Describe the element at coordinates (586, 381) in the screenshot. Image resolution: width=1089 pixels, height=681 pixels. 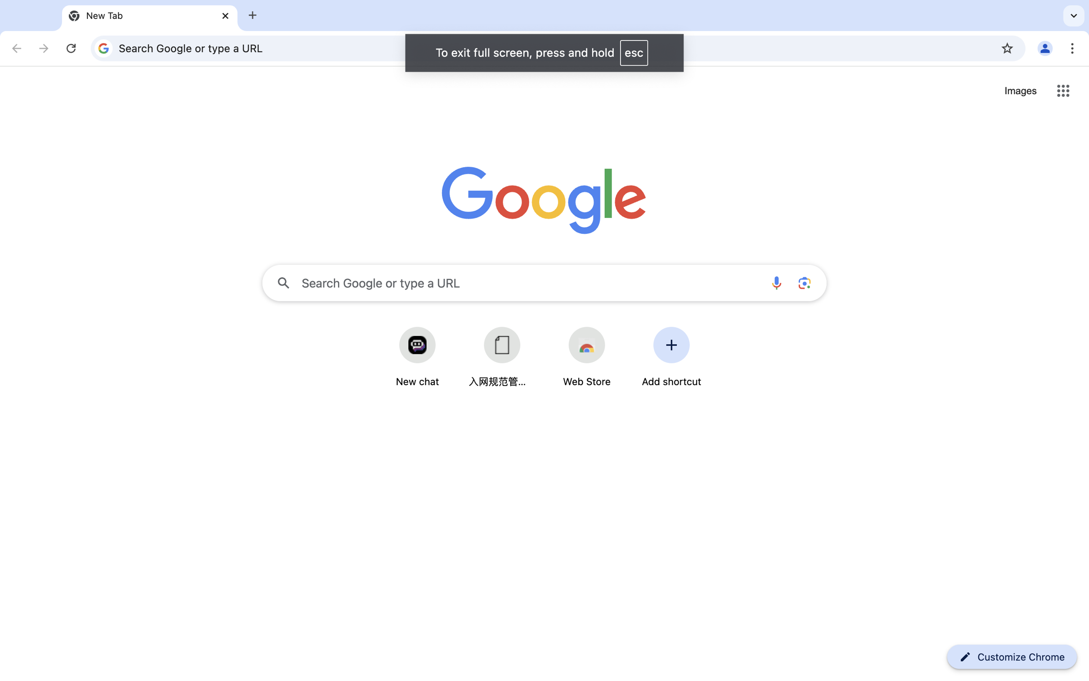
I see `'Web Store'` at that location.